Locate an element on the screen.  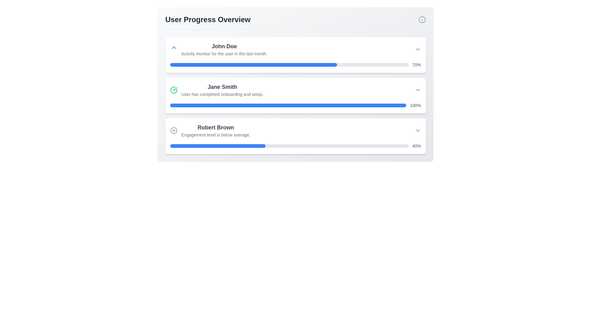
the text component displaying the name 'Robert Brown', which is centrally located above a subtitle indicating engagement status is located at coordinates (216, 127).